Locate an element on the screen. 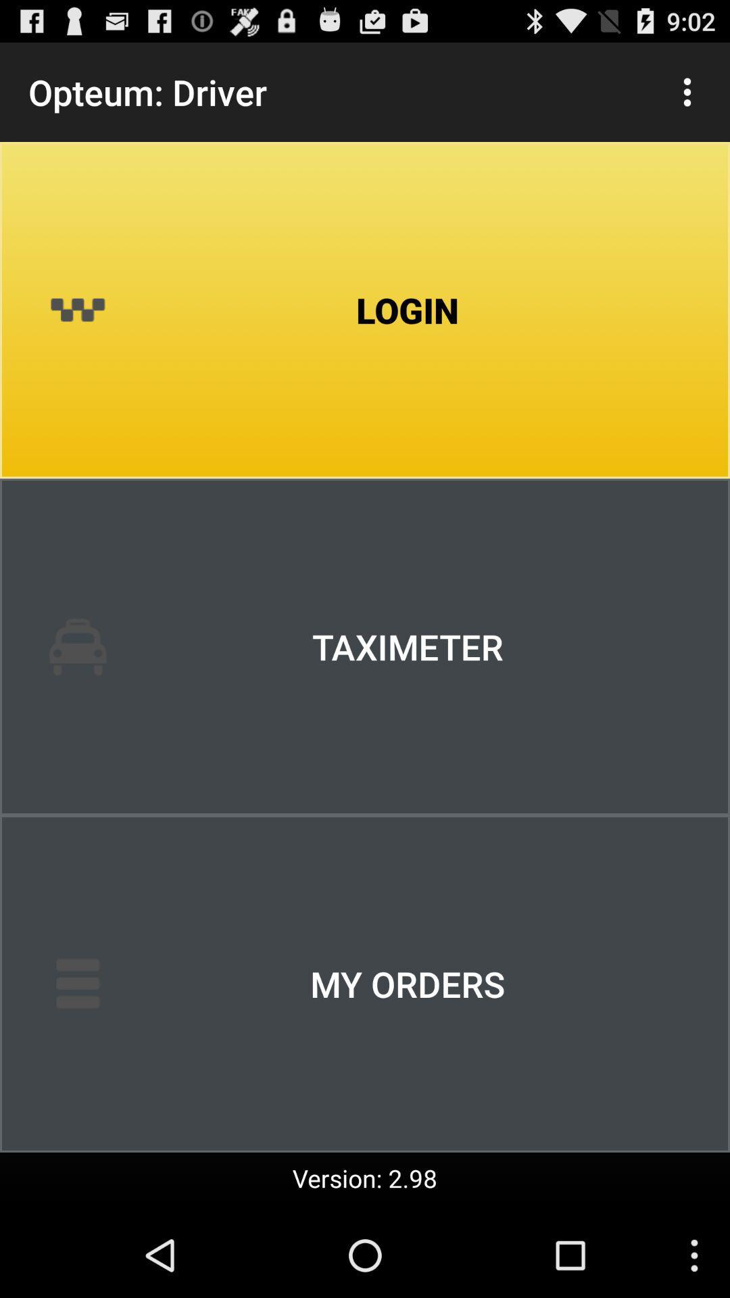  login icon is located at coordinates (365, 310).